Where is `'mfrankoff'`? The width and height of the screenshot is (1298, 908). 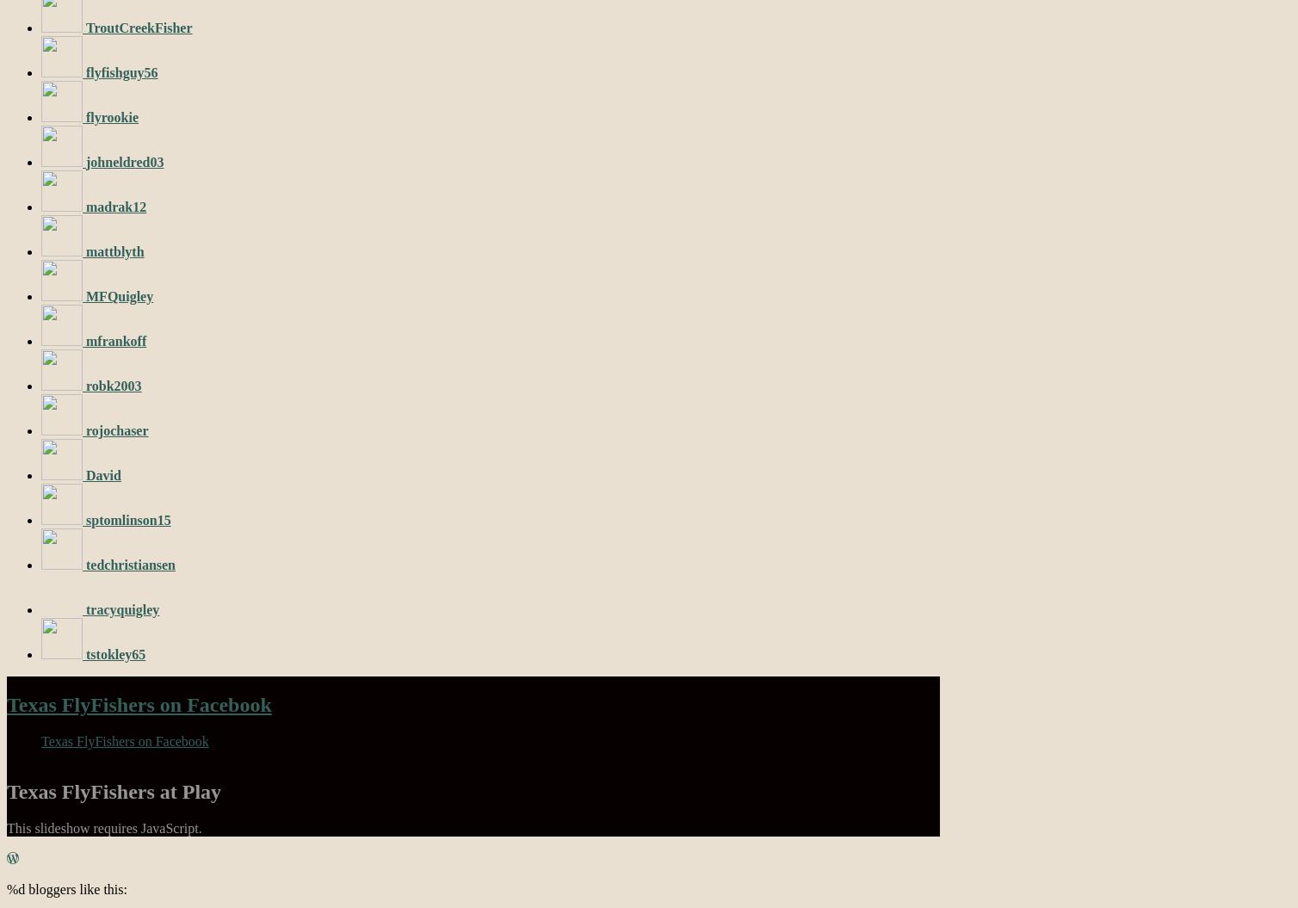
'mfrankoff' is located at coordinates (115, 341).